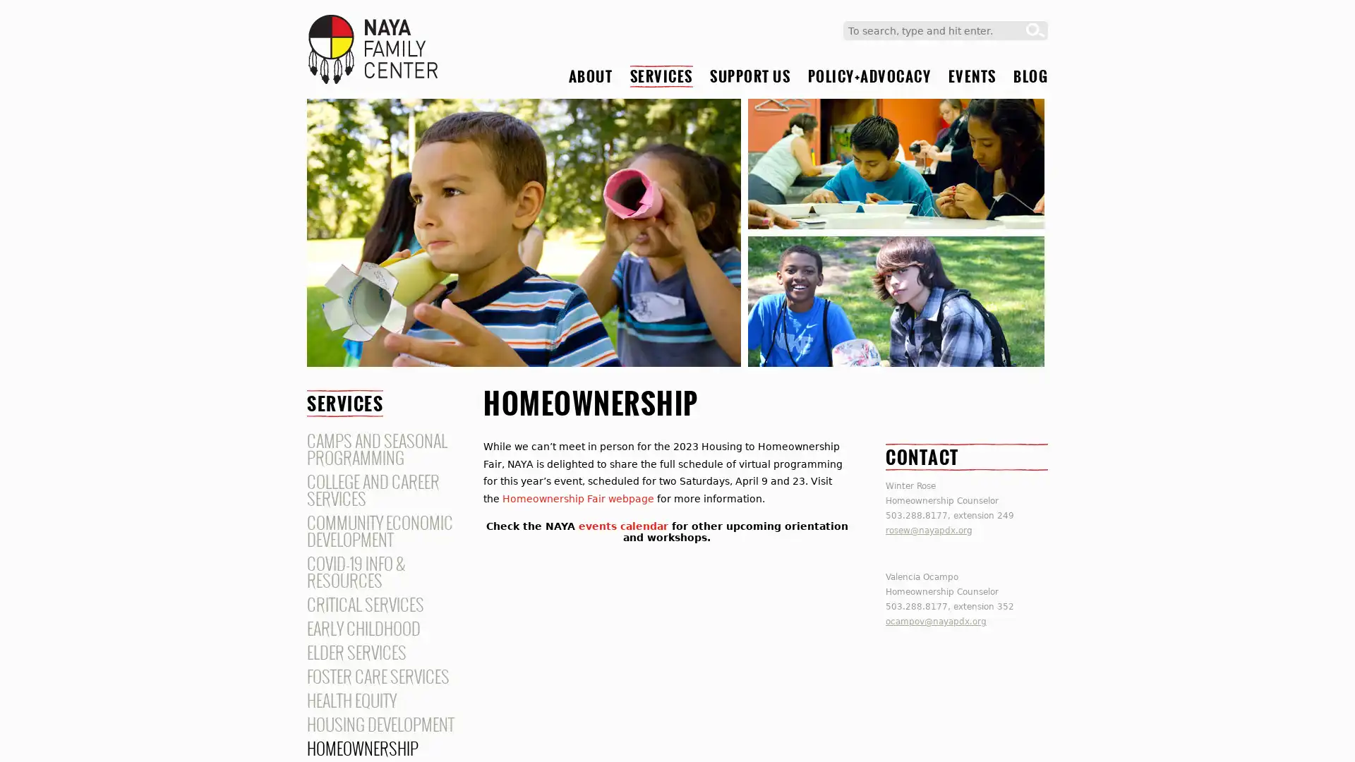  I want to click on Search, so click(1035, 30).